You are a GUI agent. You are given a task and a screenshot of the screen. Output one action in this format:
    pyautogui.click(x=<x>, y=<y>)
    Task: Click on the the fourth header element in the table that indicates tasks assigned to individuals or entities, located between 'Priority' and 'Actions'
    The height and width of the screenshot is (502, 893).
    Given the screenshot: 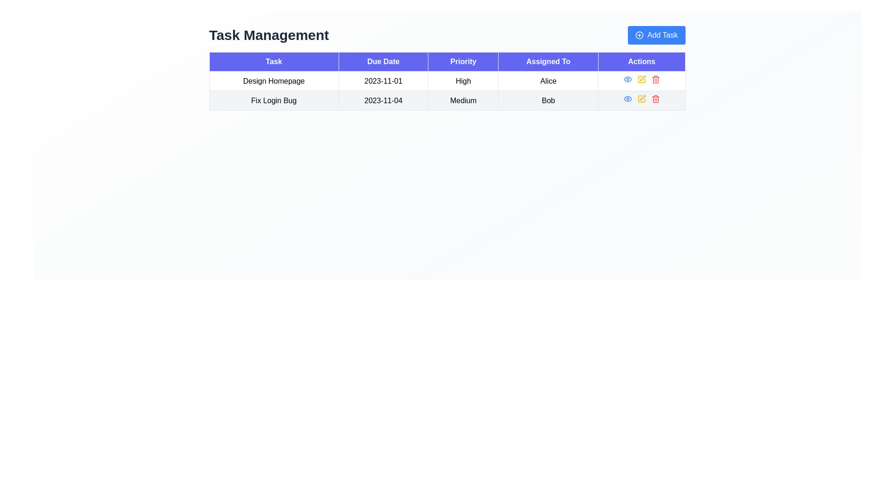 What is the action you would take?
    pyautogui.click(x=548, y=61)
    